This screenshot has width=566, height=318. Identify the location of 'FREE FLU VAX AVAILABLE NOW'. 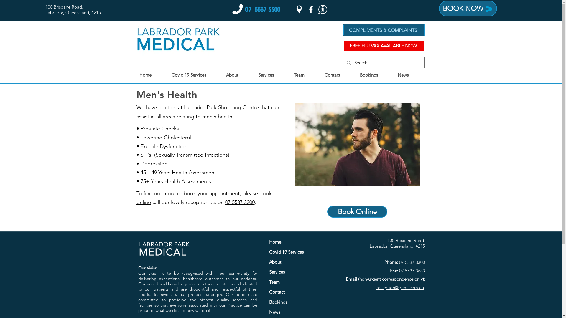
(342, 45).